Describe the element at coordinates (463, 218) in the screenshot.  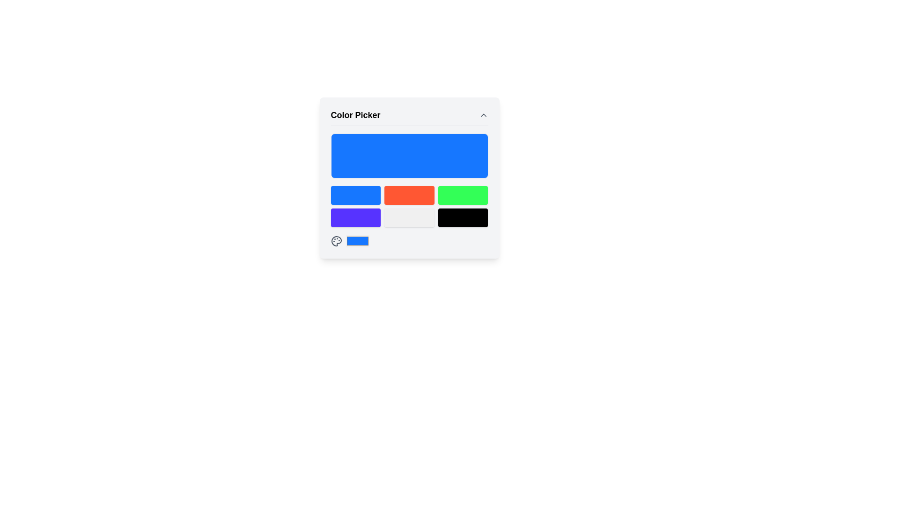
I see `the button in the bottom-right corner of the color-picker tool` at that location.